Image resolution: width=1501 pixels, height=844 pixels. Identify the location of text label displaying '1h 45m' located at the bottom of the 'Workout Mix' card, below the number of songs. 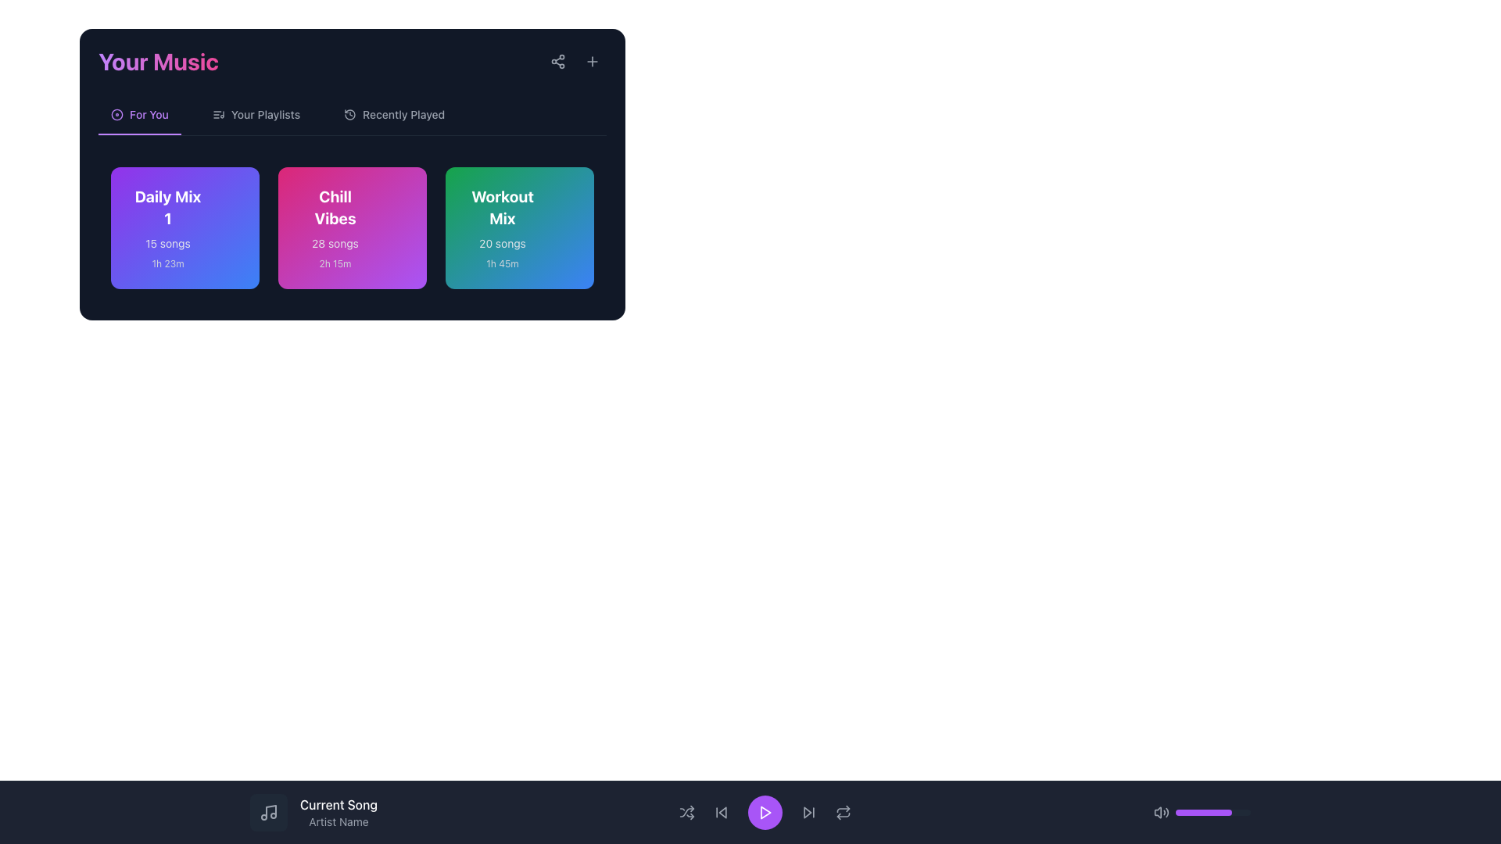
(503, 263).